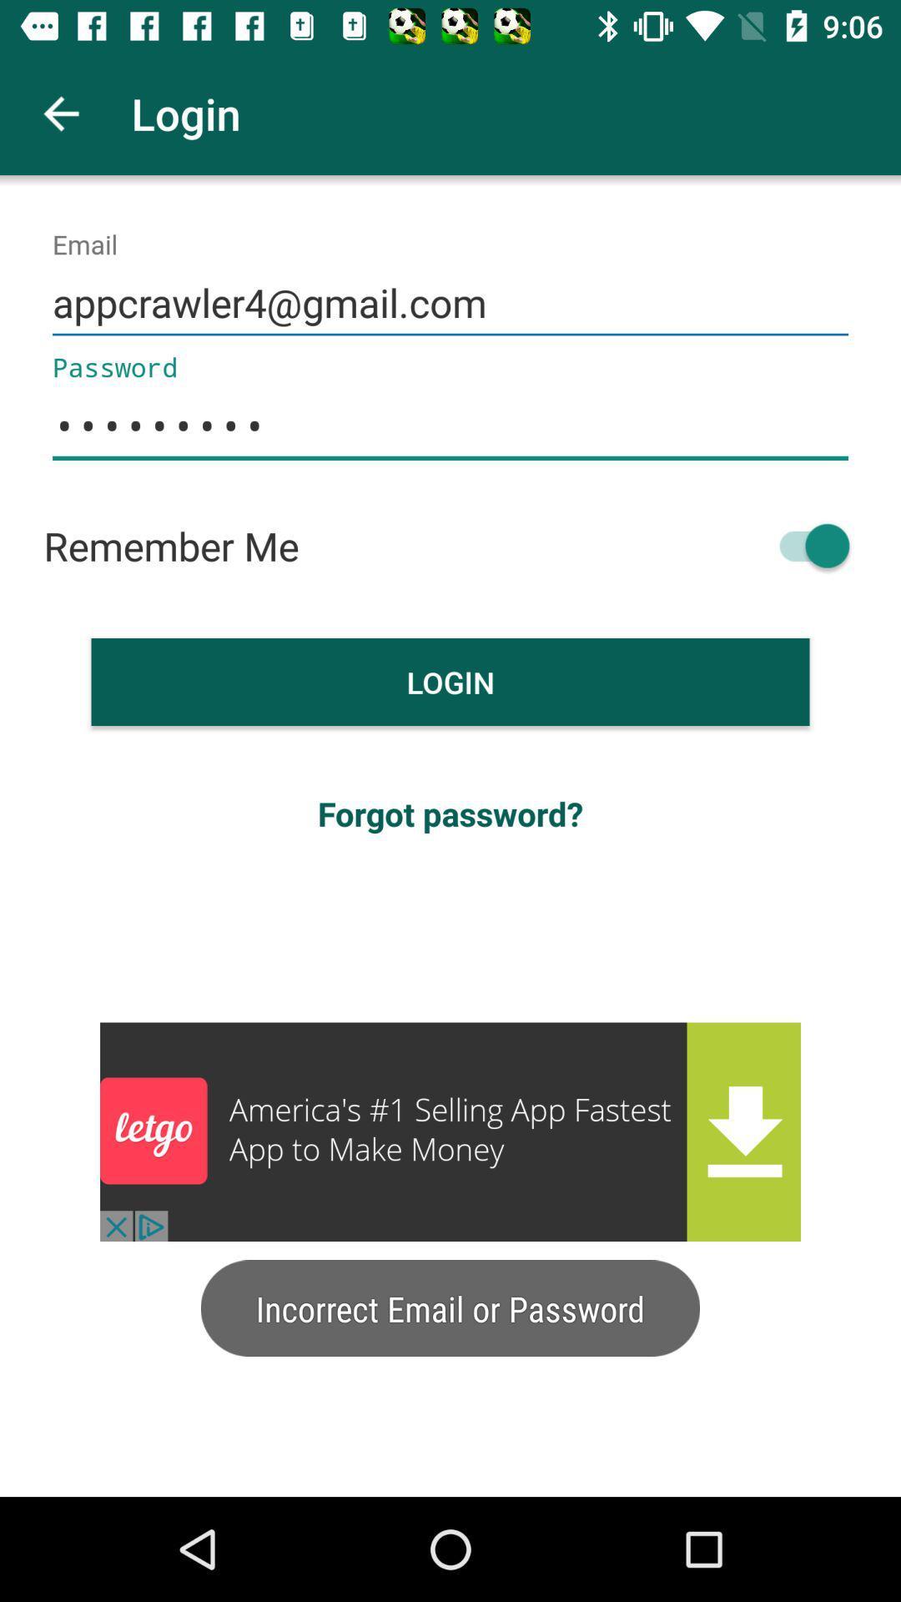 The height and width of the screenshot is (1602, 901). What do you see at coordinates (450, 1131) in the screenshot?
I see `download app` at bounding box center [450, 1131].